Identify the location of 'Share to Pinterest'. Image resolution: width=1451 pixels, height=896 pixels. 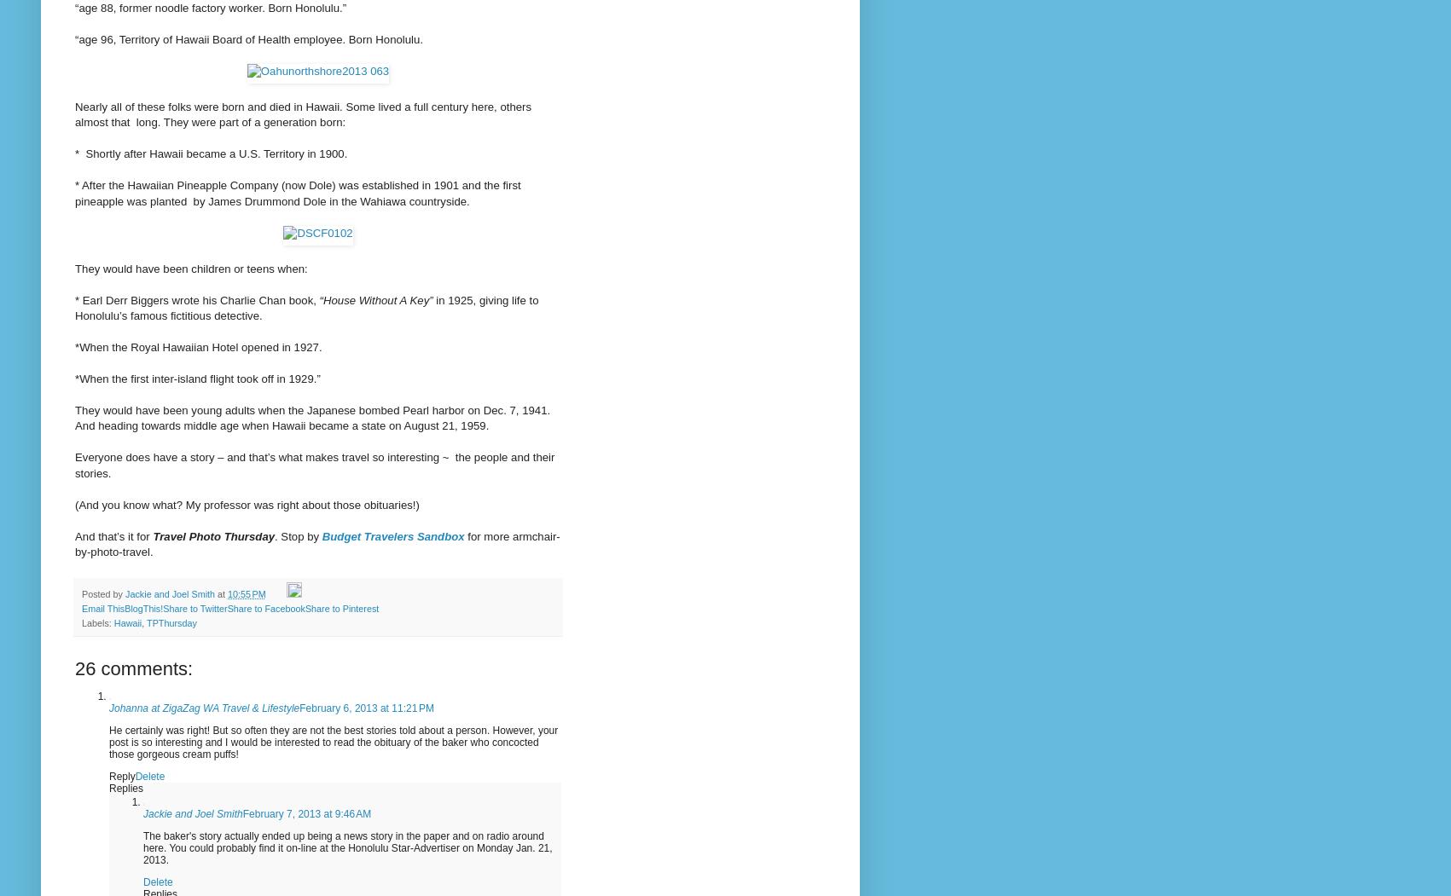
(305, 608).